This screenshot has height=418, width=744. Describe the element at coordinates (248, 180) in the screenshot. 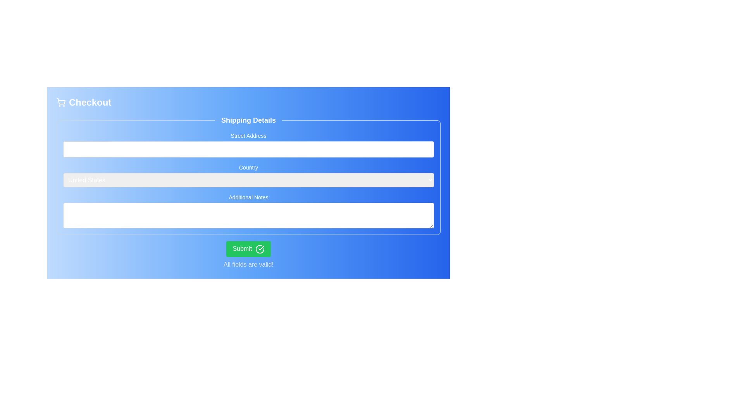

I see `the dropdown menu labeled 'Country' in the 'Shipping Details' section` at that location.